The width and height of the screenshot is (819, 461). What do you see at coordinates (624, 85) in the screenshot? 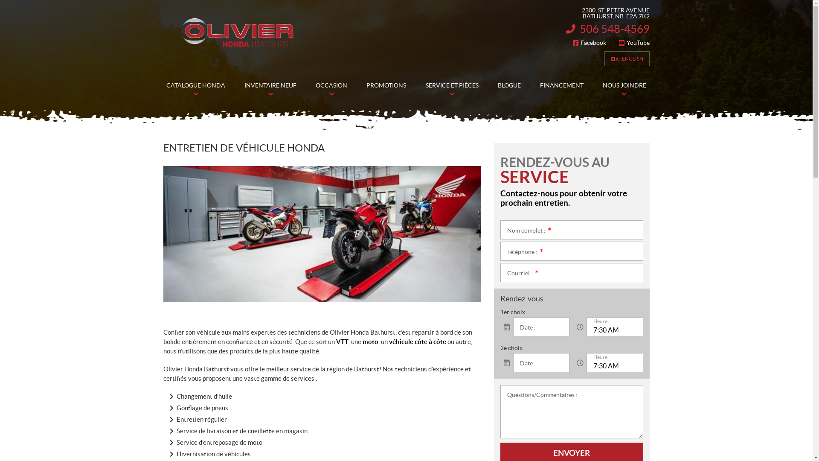
I see `'NOUS JOINDRE'` at bounding box center [624, 85].